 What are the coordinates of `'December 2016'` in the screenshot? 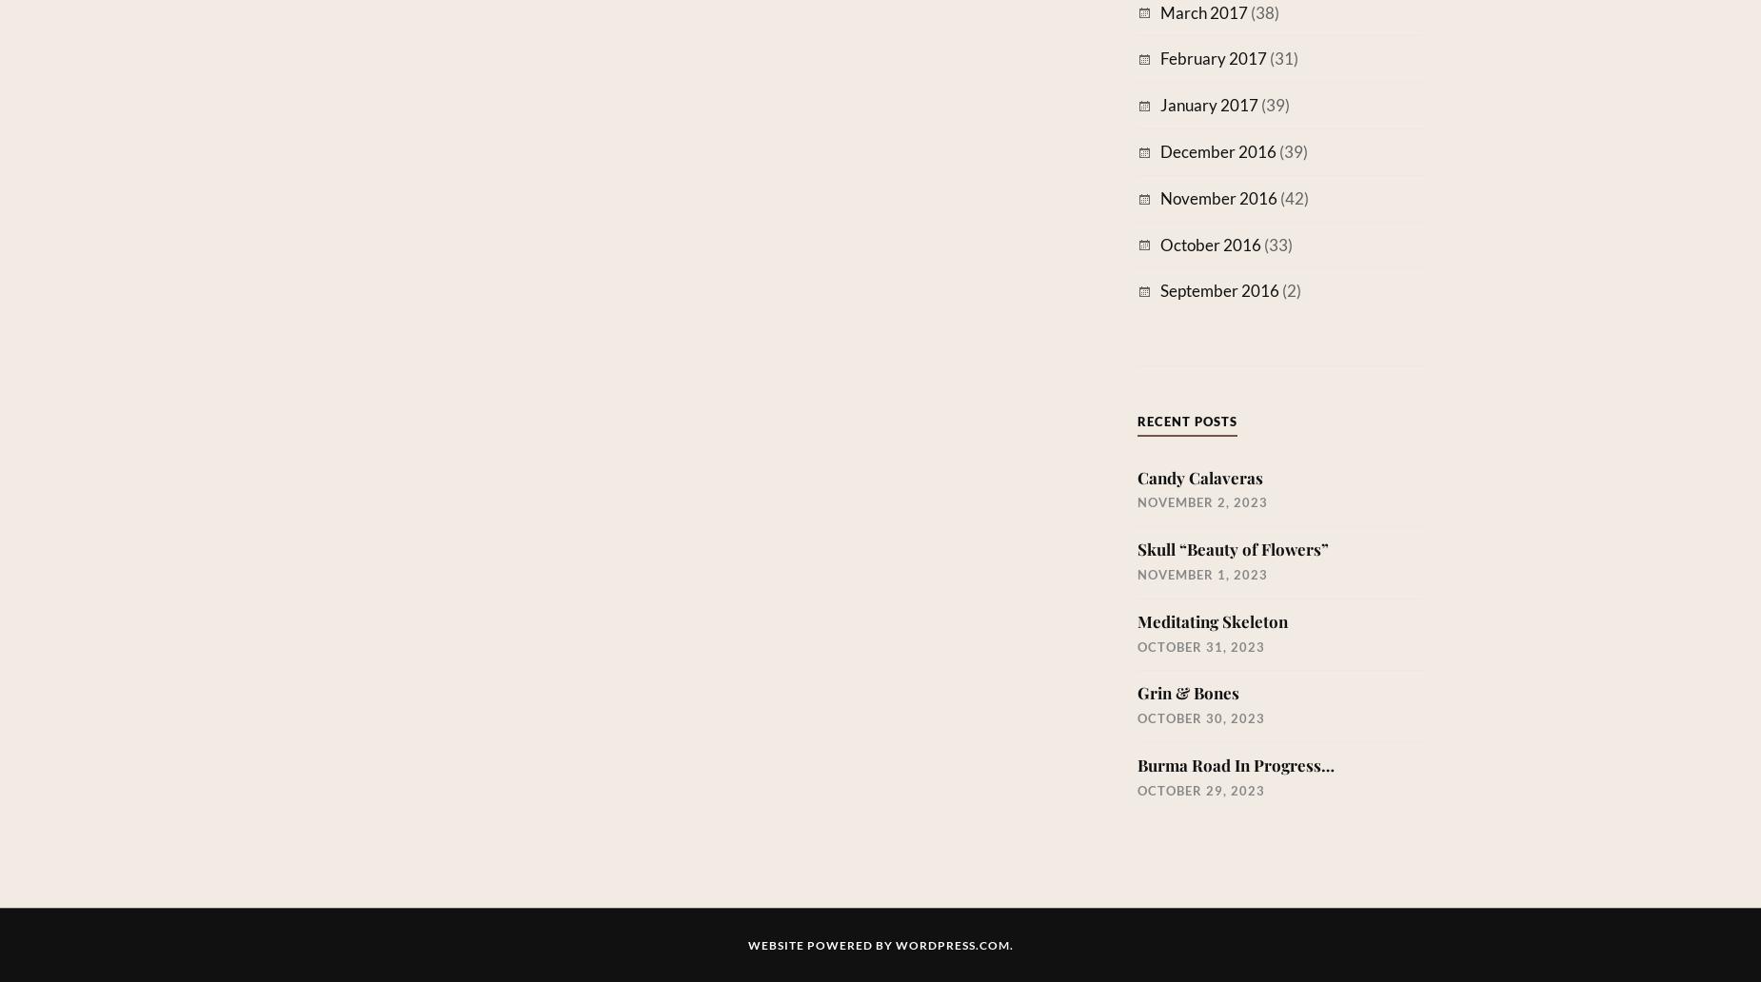 It's located at (1158, 150).